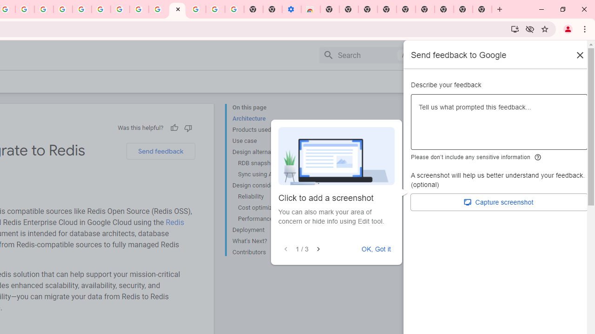  Describe the element at coordinates (483, 9) in the screenshot. I see `'New Tab'` at that location.